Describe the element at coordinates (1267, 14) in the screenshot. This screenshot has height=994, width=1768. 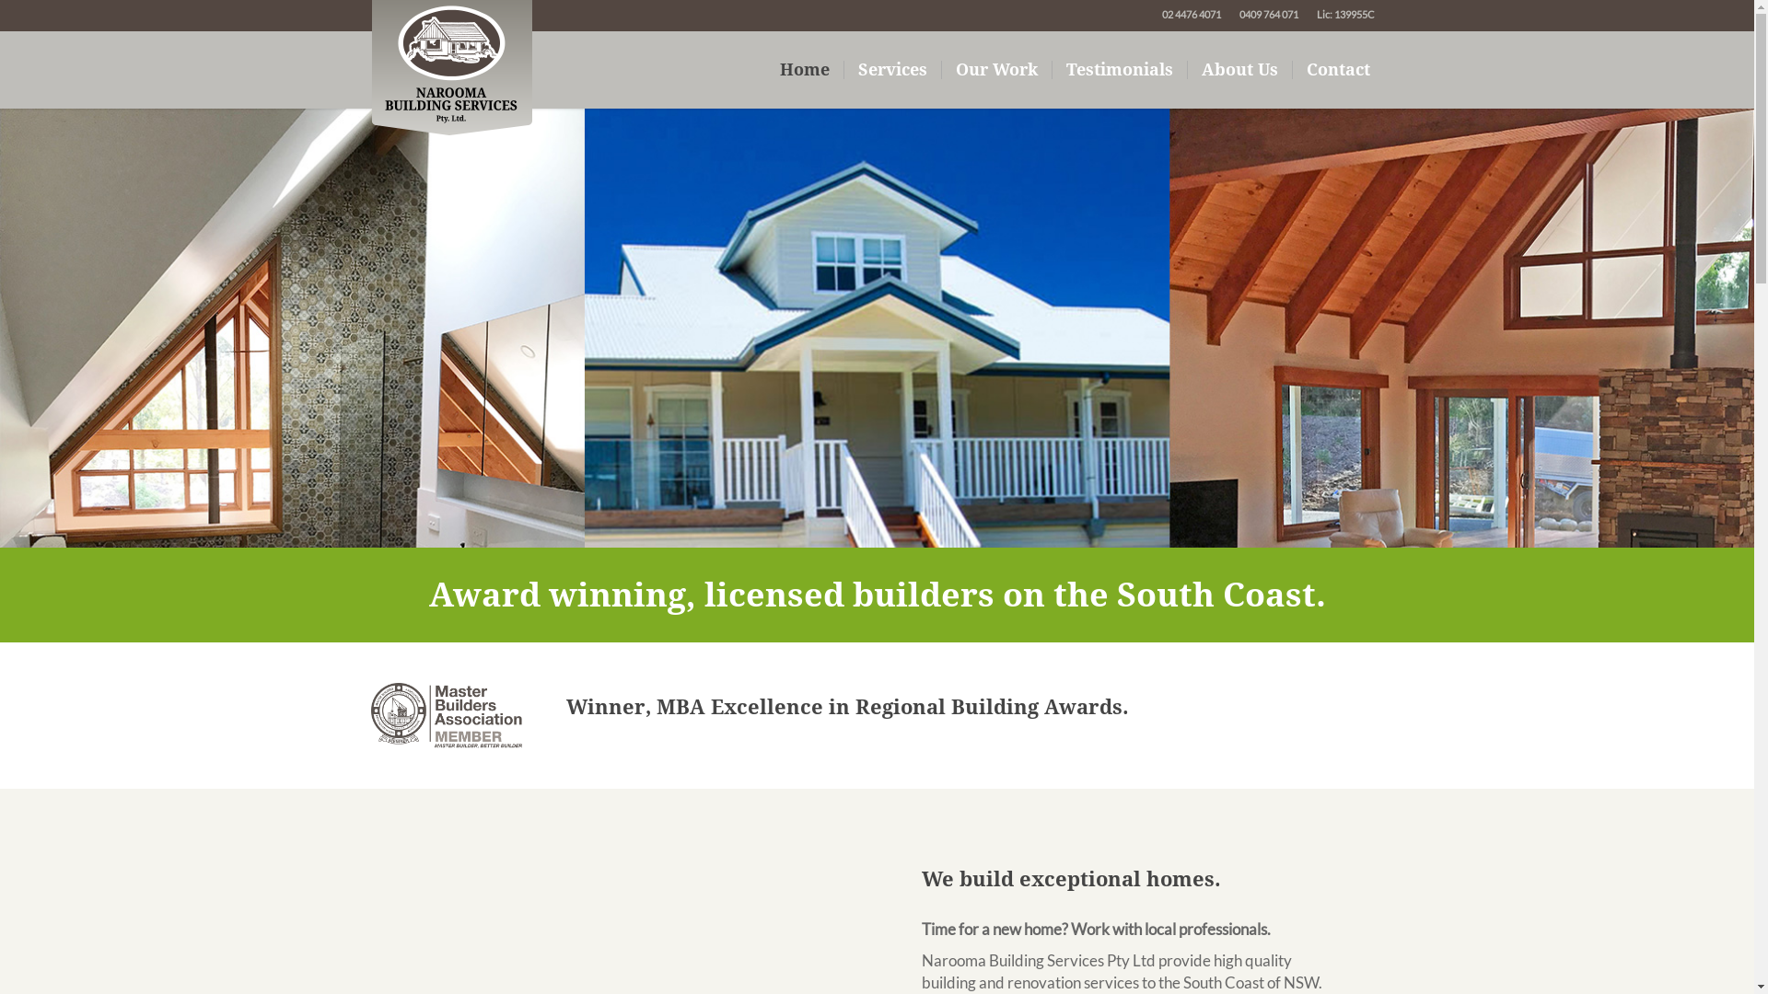
I see `'0409 764 071'` at that location.